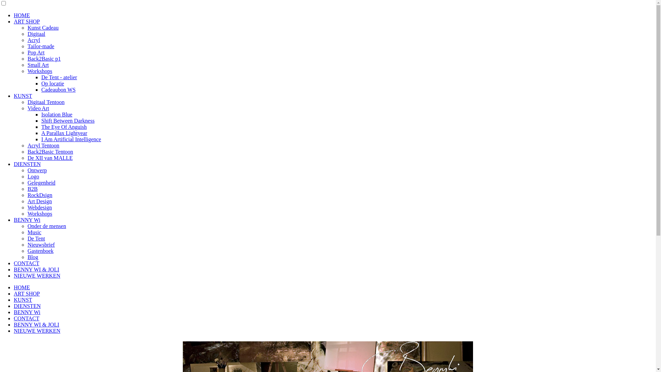 The image size is (661, 372). I want to click on 'Kunst Cadeau', so click(42, 27).